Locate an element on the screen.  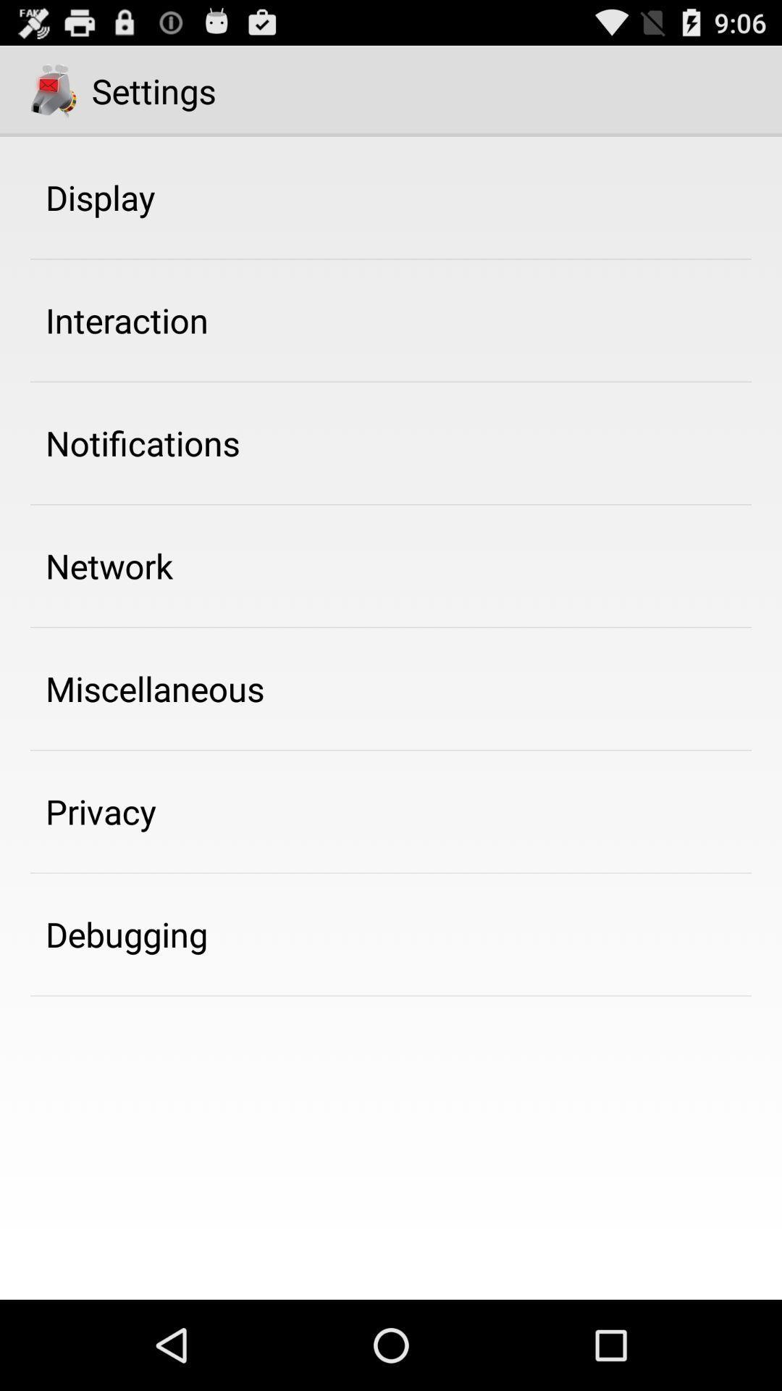
the interaction icon is located at coordinates (126, 319).